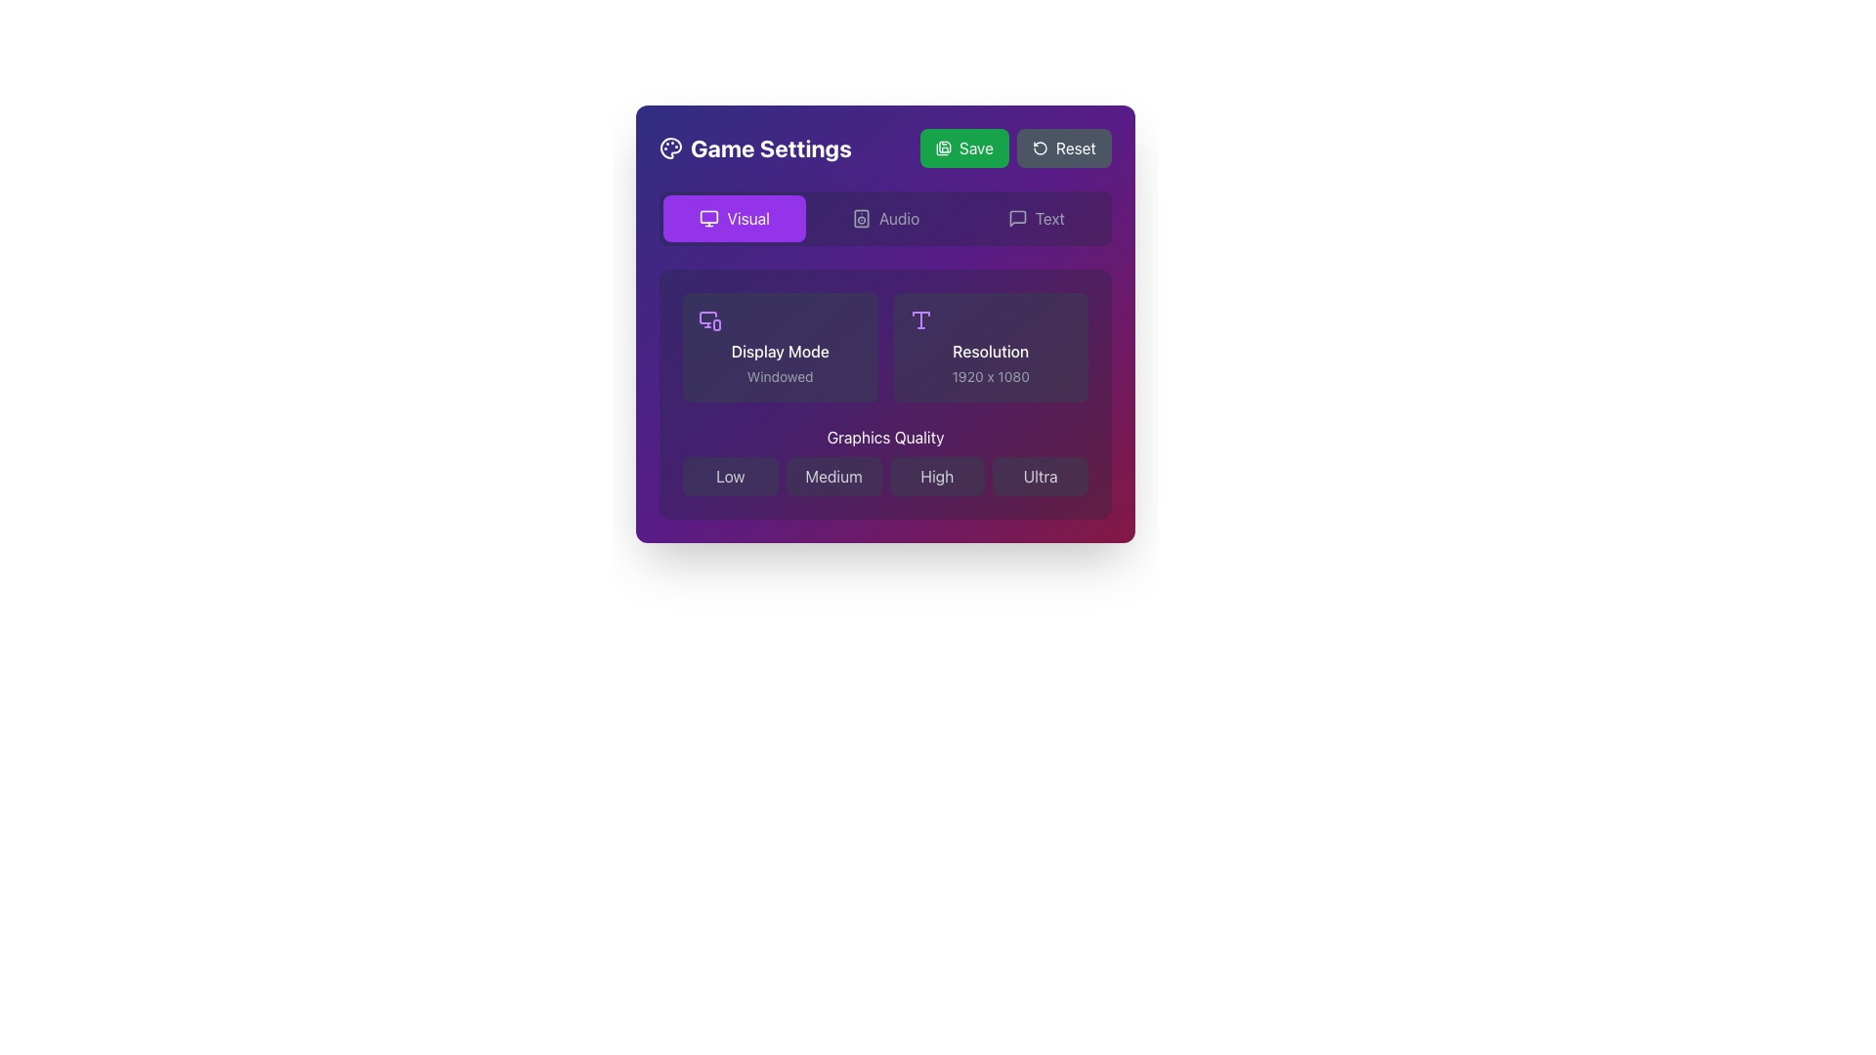  What do you see at coordinates (945, 146) in the screenshot?
I see `the save action icon, which is styled as a button with a green background and located in the upper-right corner of the Game Settings panel` at bounding box center [945, 146].